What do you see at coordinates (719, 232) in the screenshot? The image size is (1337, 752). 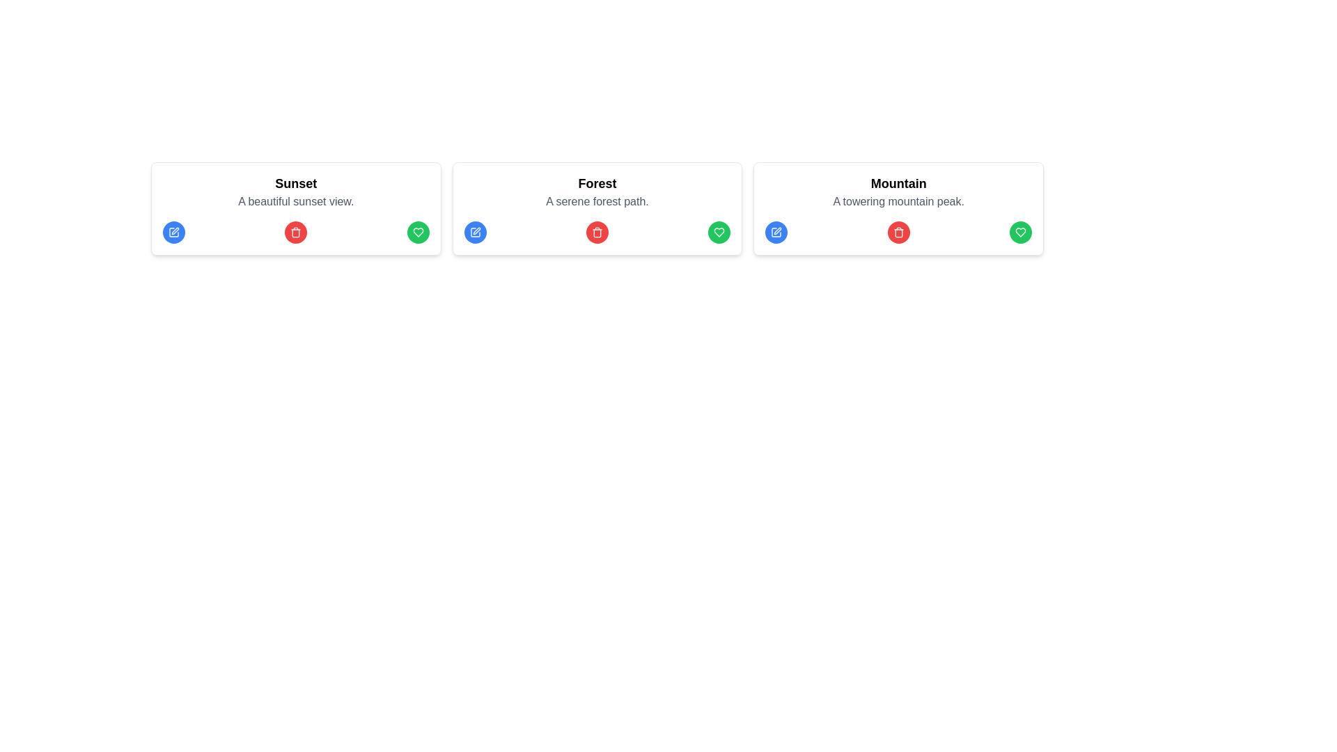 I see `the heart icon embedded in the green circular button at the bottom right corner of the 'Forest' card` at bounding box center [719, 232].